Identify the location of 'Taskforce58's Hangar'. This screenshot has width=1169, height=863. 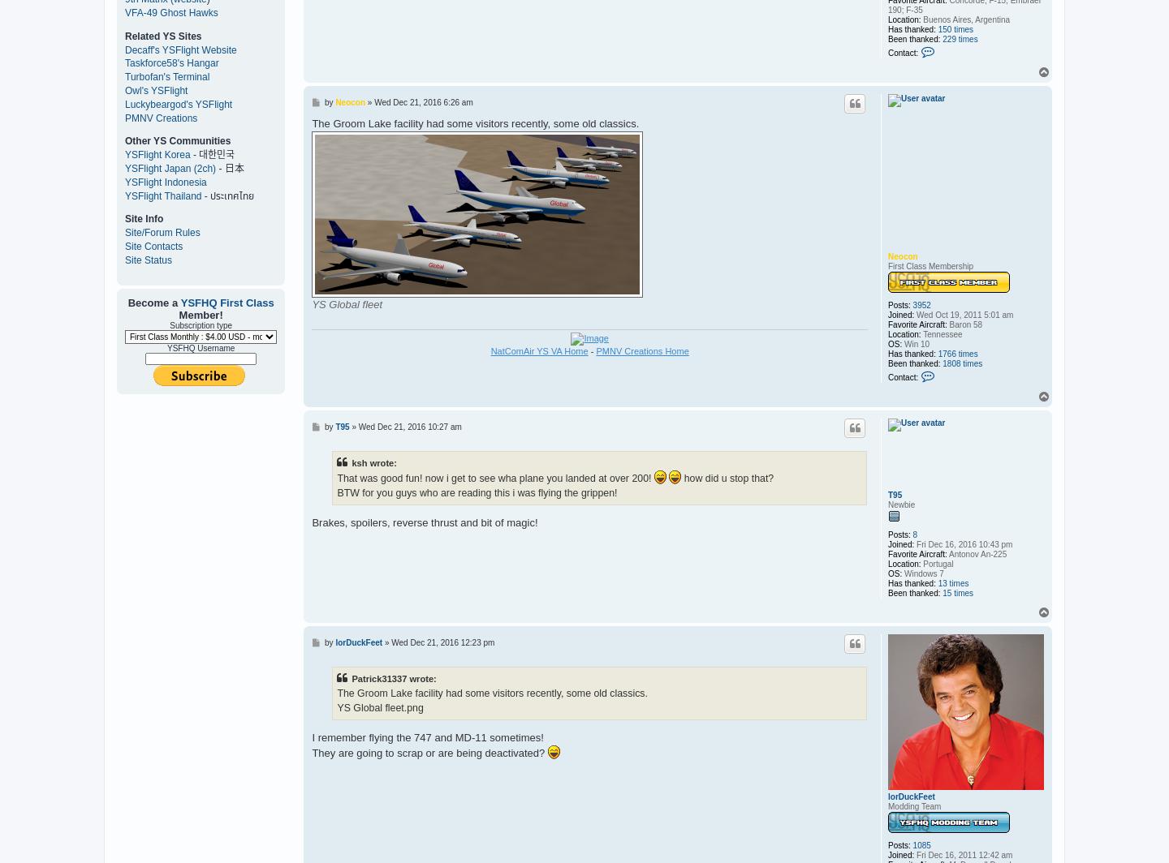
(171, 62).